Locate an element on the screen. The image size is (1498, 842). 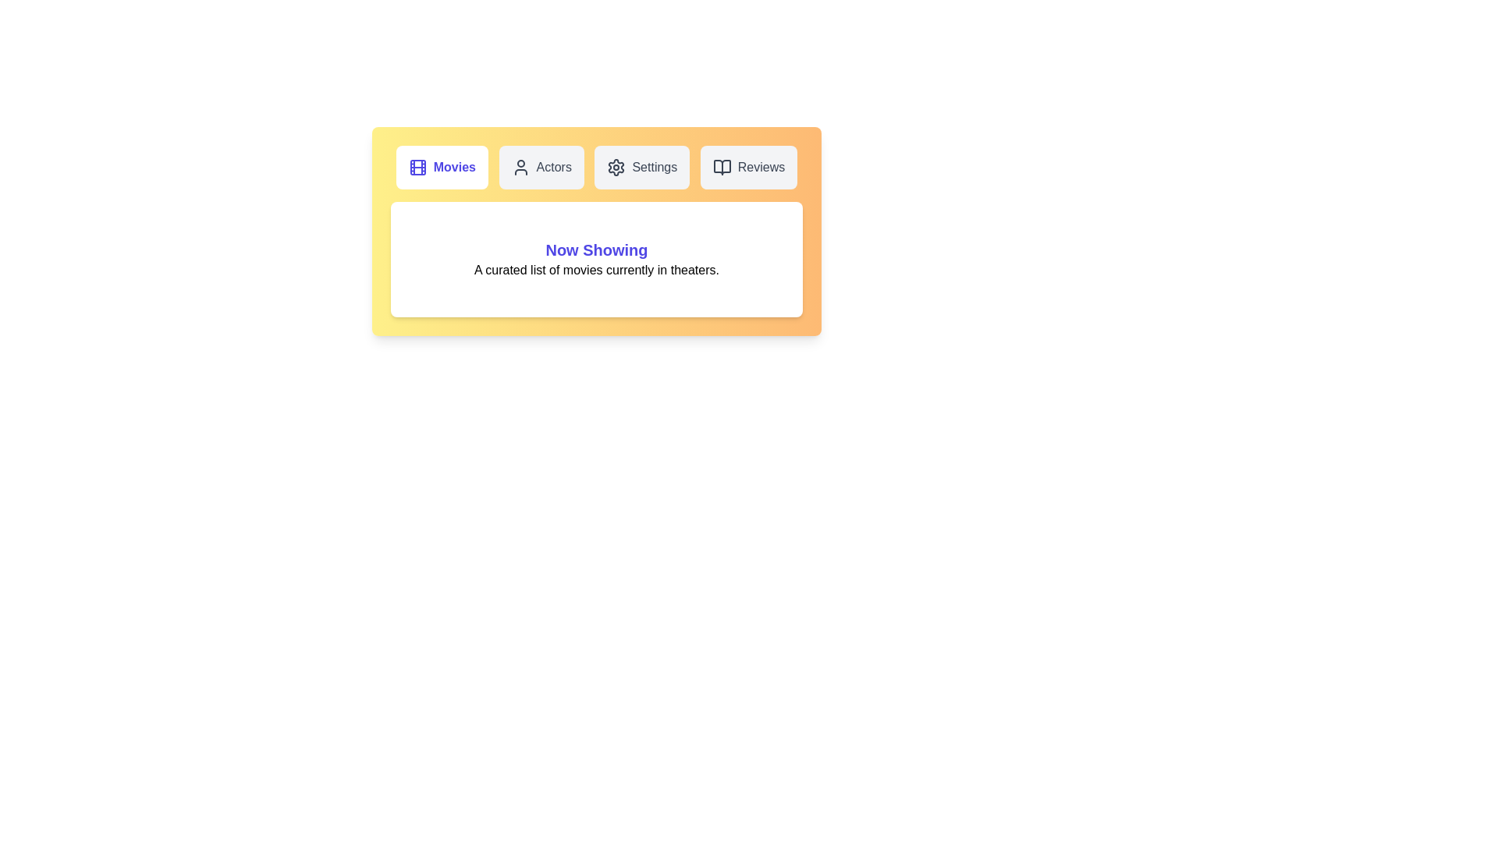
the tab labeled Settings to preview its interaction is located at coordinates (642, 168).